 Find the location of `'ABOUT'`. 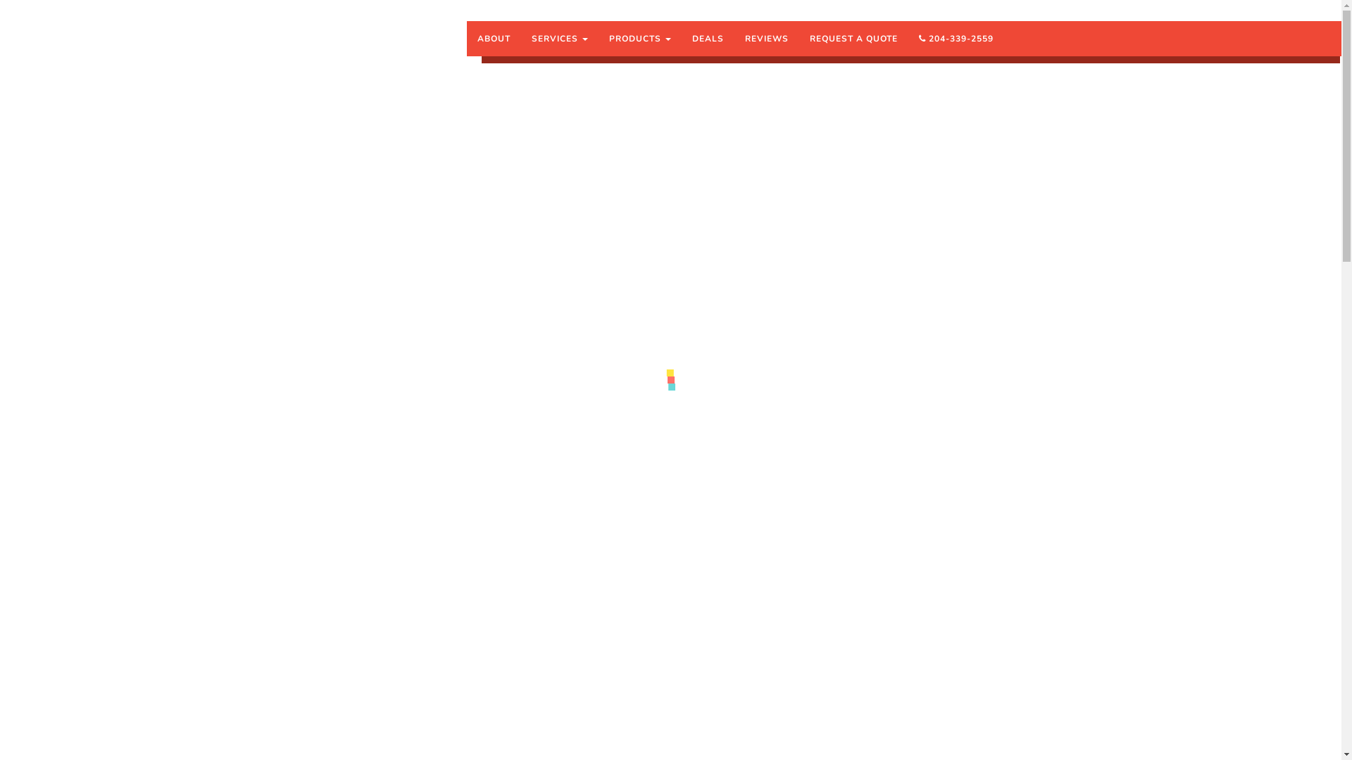

'ABOUT' is located at coordinates (494, 37).